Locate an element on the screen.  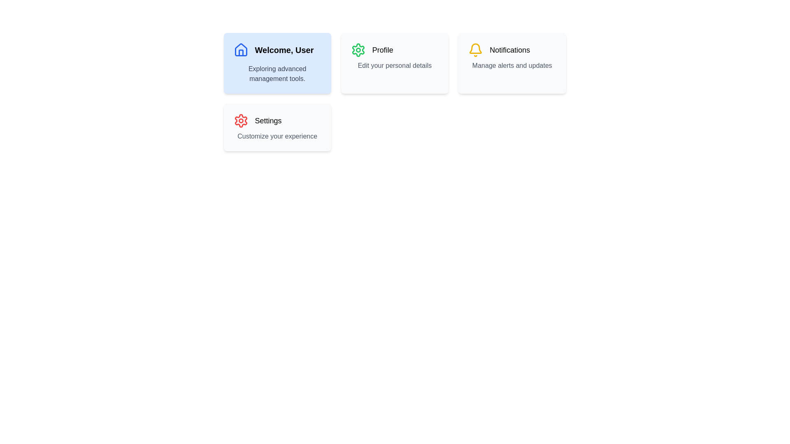
the Text Label that provides supplementary information for the 'Settings' section, located below the 'Settings' title is located at coordinates (277, 136).